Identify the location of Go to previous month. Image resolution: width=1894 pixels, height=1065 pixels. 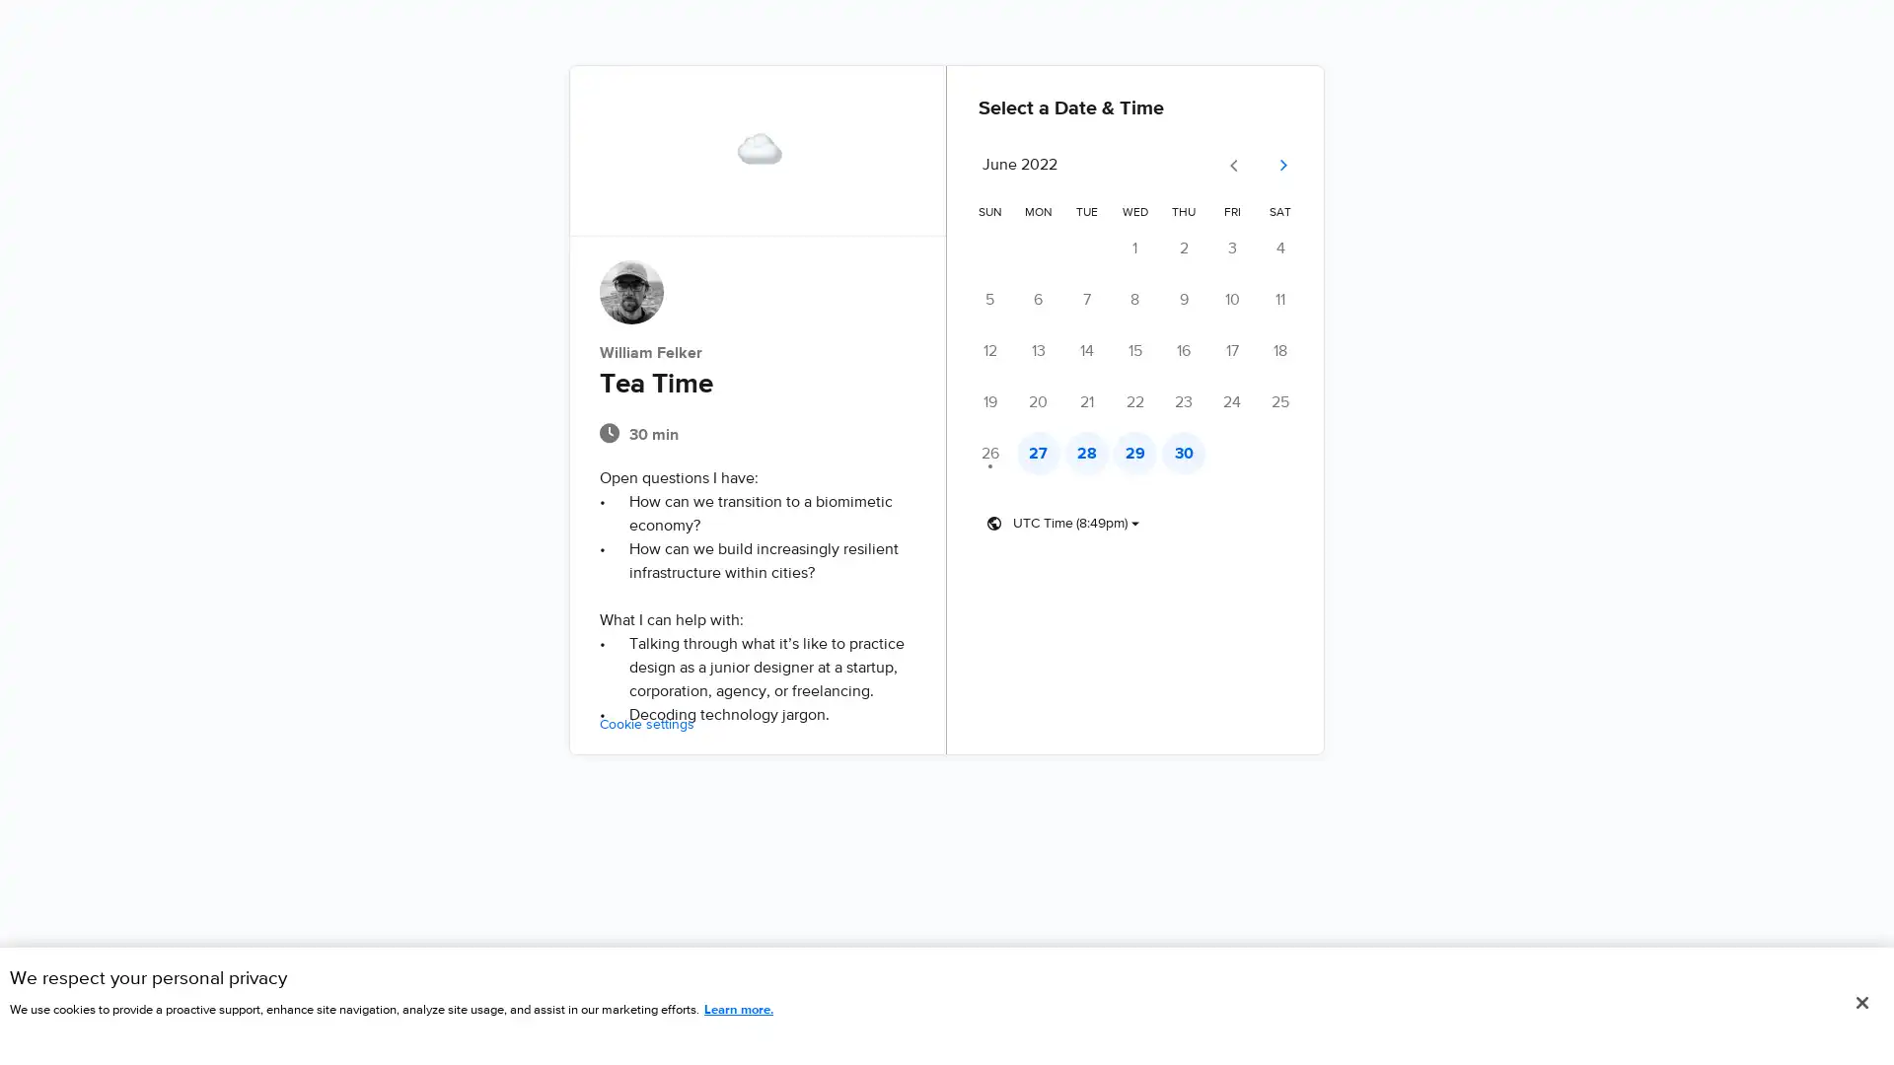
(1250, 165).